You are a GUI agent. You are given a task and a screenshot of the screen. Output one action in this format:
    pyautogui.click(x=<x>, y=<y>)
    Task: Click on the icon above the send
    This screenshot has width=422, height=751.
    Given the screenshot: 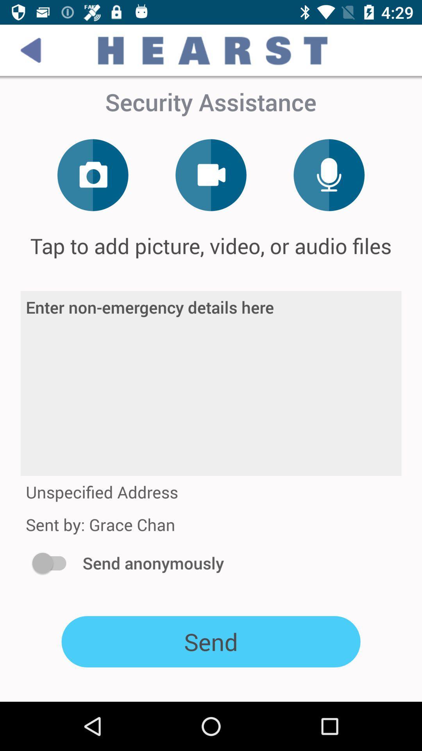 What is the action you would take?
    pyautogui.click(x=53, y=562)
    